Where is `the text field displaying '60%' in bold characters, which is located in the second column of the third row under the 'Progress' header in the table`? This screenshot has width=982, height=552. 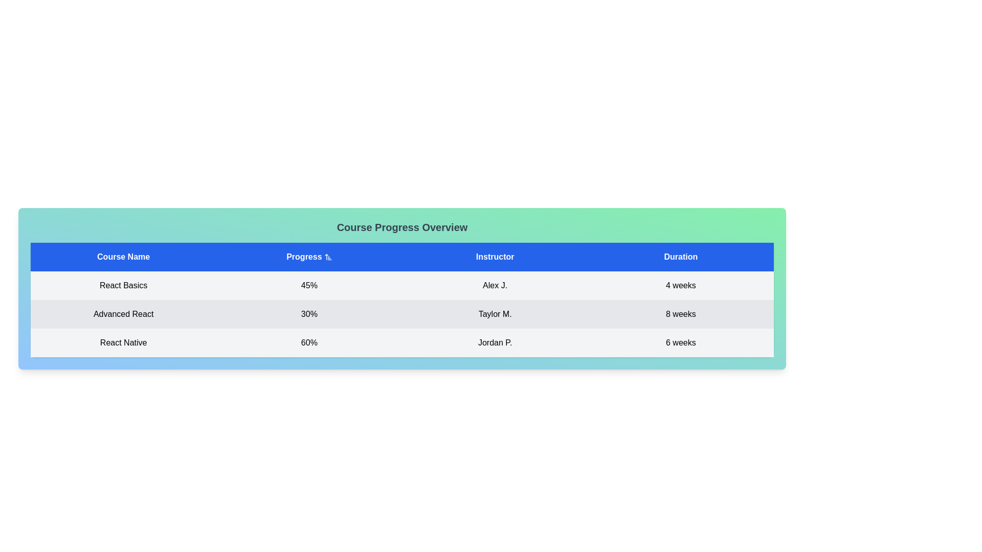 the text field displaying '60%' in bold characters, which is located in the second column of the third row under the 'Progress' header in the table is located at coordinates (308, 343).